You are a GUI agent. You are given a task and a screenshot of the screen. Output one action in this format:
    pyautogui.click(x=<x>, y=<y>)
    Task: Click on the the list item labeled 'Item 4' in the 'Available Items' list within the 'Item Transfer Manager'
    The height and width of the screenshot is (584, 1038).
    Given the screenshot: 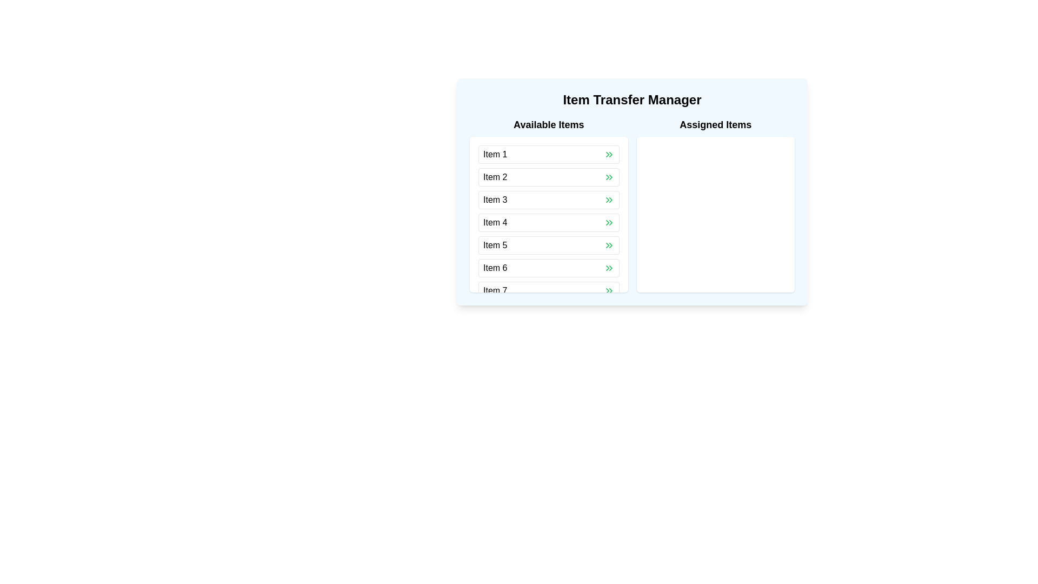 What is the action you would take?
    pyautogui.click(x=549, y=222)
    